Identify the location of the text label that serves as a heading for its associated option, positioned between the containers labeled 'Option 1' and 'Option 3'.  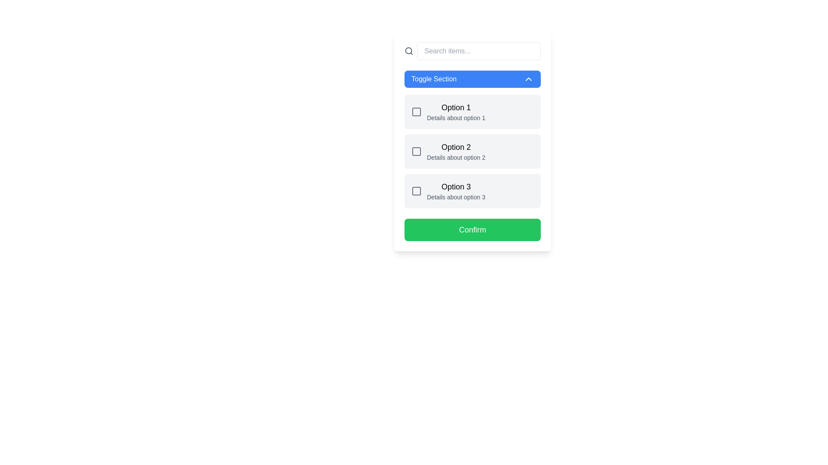
(455, 147).